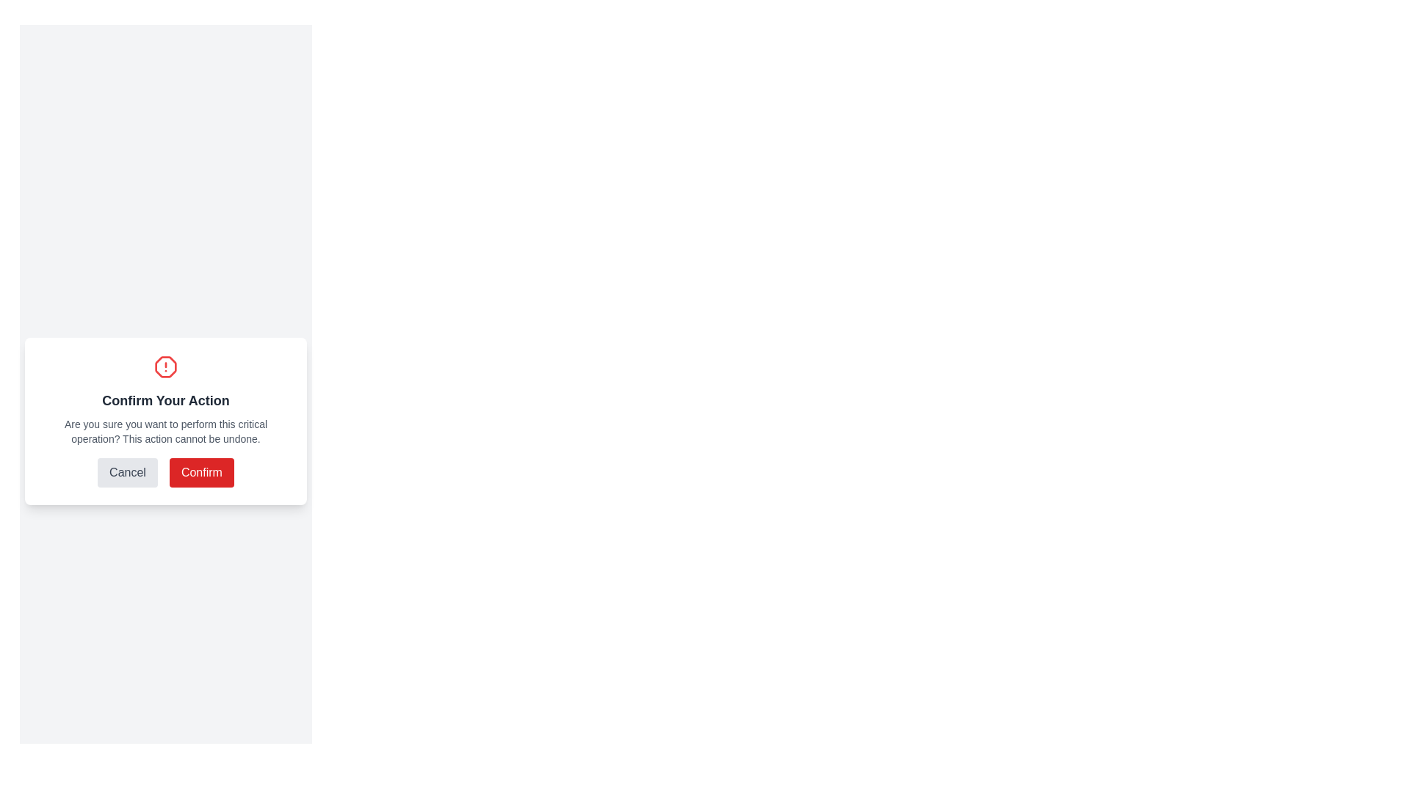  I want to click on the descriptive text label within the confirmation modal that is positioned below the header 'Confirm Your Action' and above the buttons 'Cancel' and 'Confirm', so click(165, 430).